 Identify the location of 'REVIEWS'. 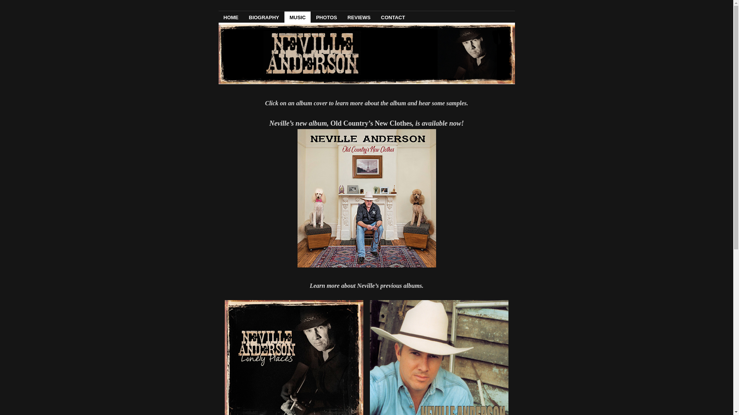
(358, 17).